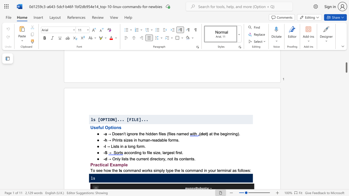 The image size is (349, 196). What do you see at coordinates (116, 119) in the screenshot?
I see `the 1th character "]" in the text` at bounding box center [116, 119].